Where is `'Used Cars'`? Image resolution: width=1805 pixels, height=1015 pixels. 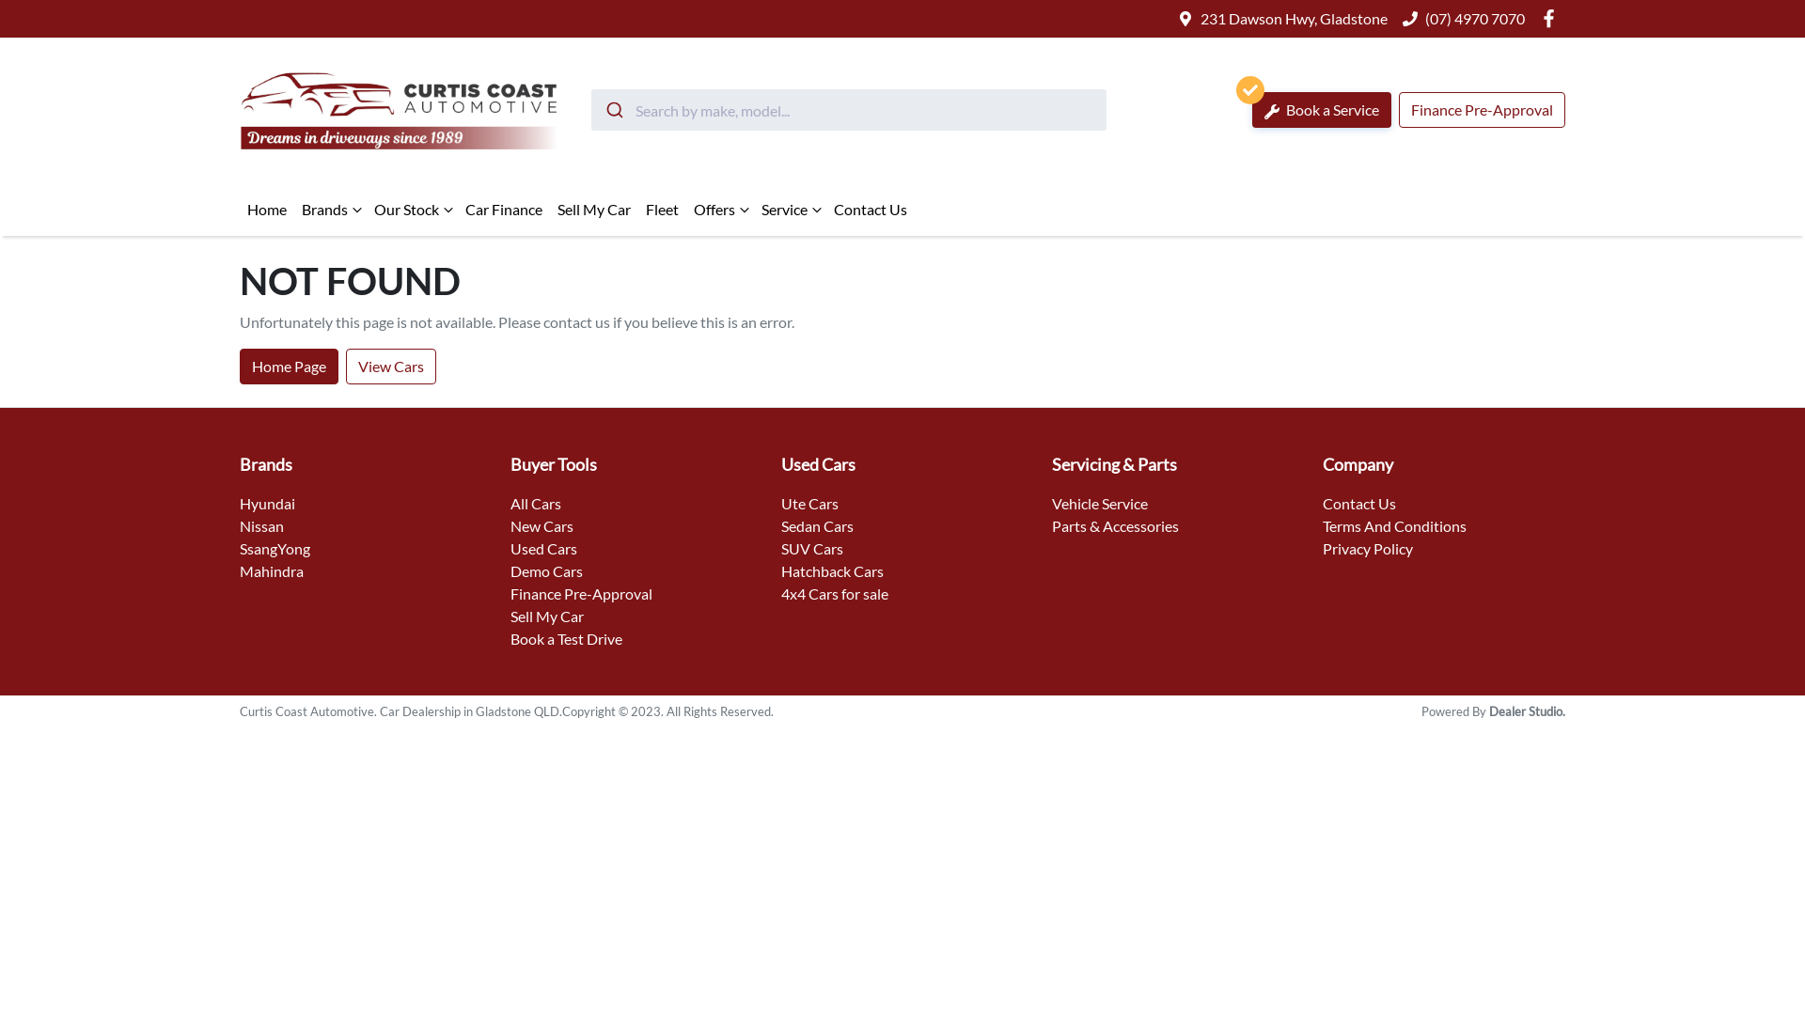
'Used Cars' is located at coordinates (542, 548).